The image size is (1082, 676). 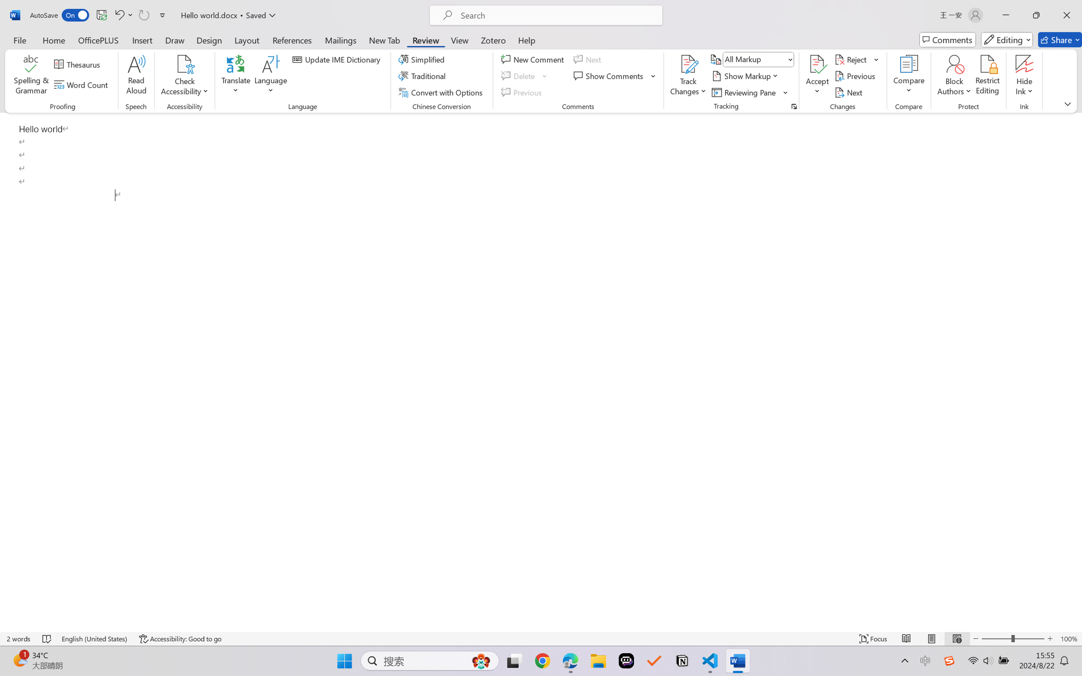 What do you see at coordinates (162, 15) in the screenshot?
I see `'Customize Quick Access Toolbar'` at bounding box center [162, 15].